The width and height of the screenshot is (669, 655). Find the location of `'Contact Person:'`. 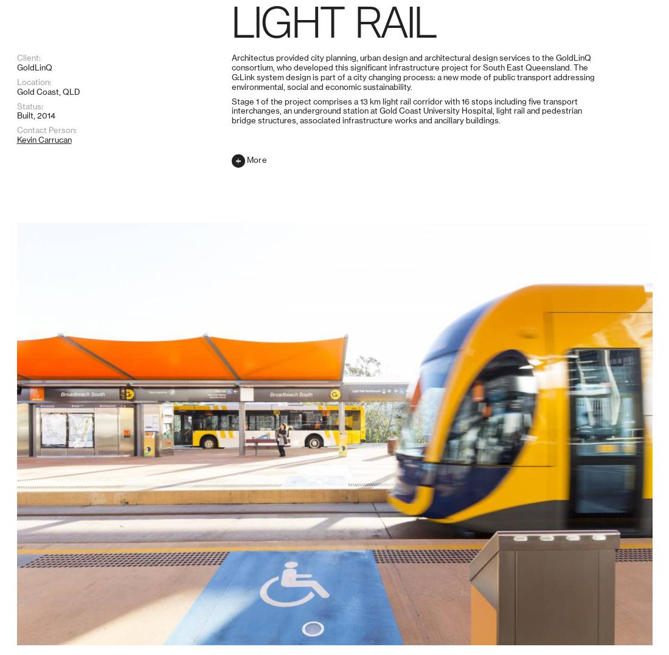

'Contact Person:' is located at coordinates (15, 612).